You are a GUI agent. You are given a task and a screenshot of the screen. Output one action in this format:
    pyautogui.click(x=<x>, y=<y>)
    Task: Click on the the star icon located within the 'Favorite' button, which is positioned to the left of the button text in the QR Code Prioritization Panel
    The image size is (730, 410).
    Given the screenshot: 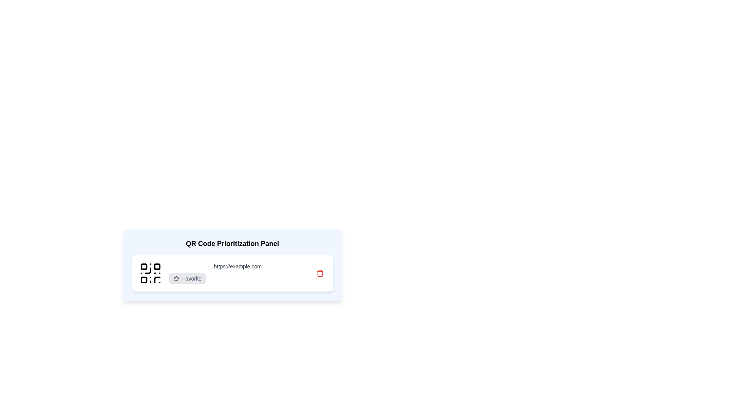 What is the action you would take?
    pyautogui.click(x=176, y=278)
    